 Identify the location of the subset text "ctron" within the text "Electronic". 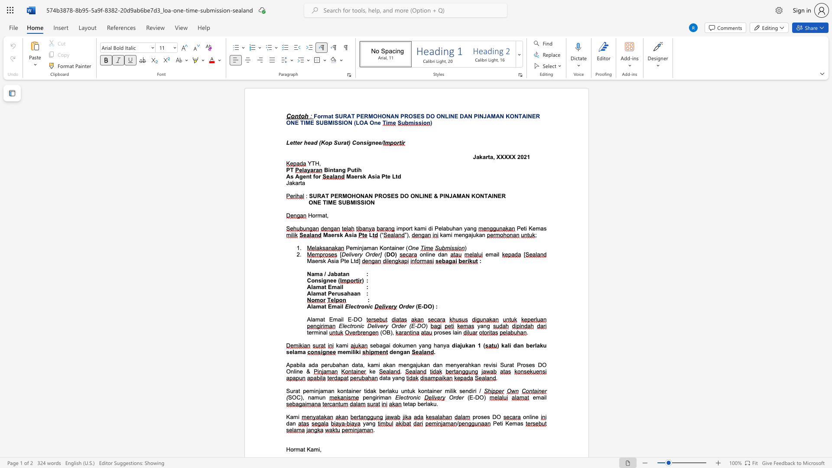
(354, 306).